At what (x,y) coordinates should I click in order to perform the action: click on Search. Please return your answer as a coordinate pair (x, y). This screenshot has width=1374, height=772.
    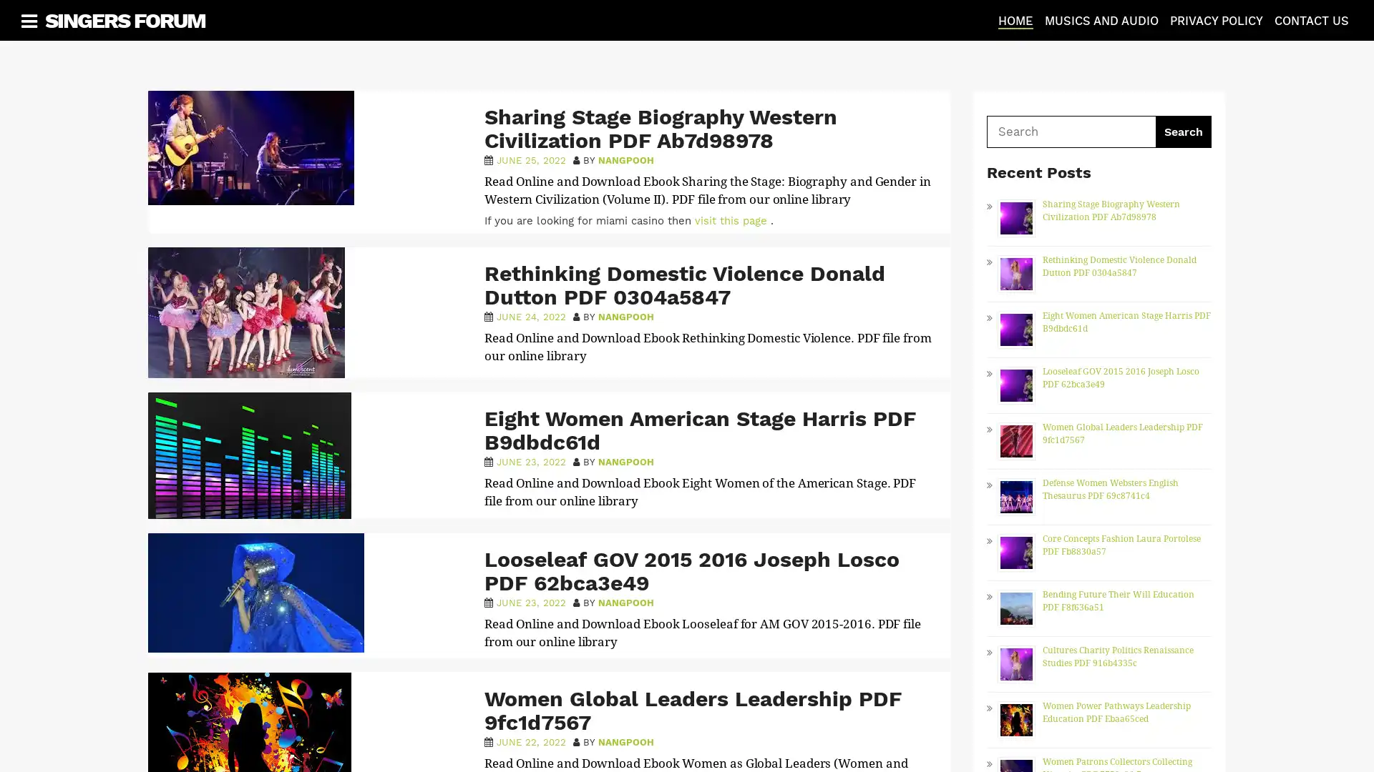
    Looking at the image, I should click on (1183, 132).